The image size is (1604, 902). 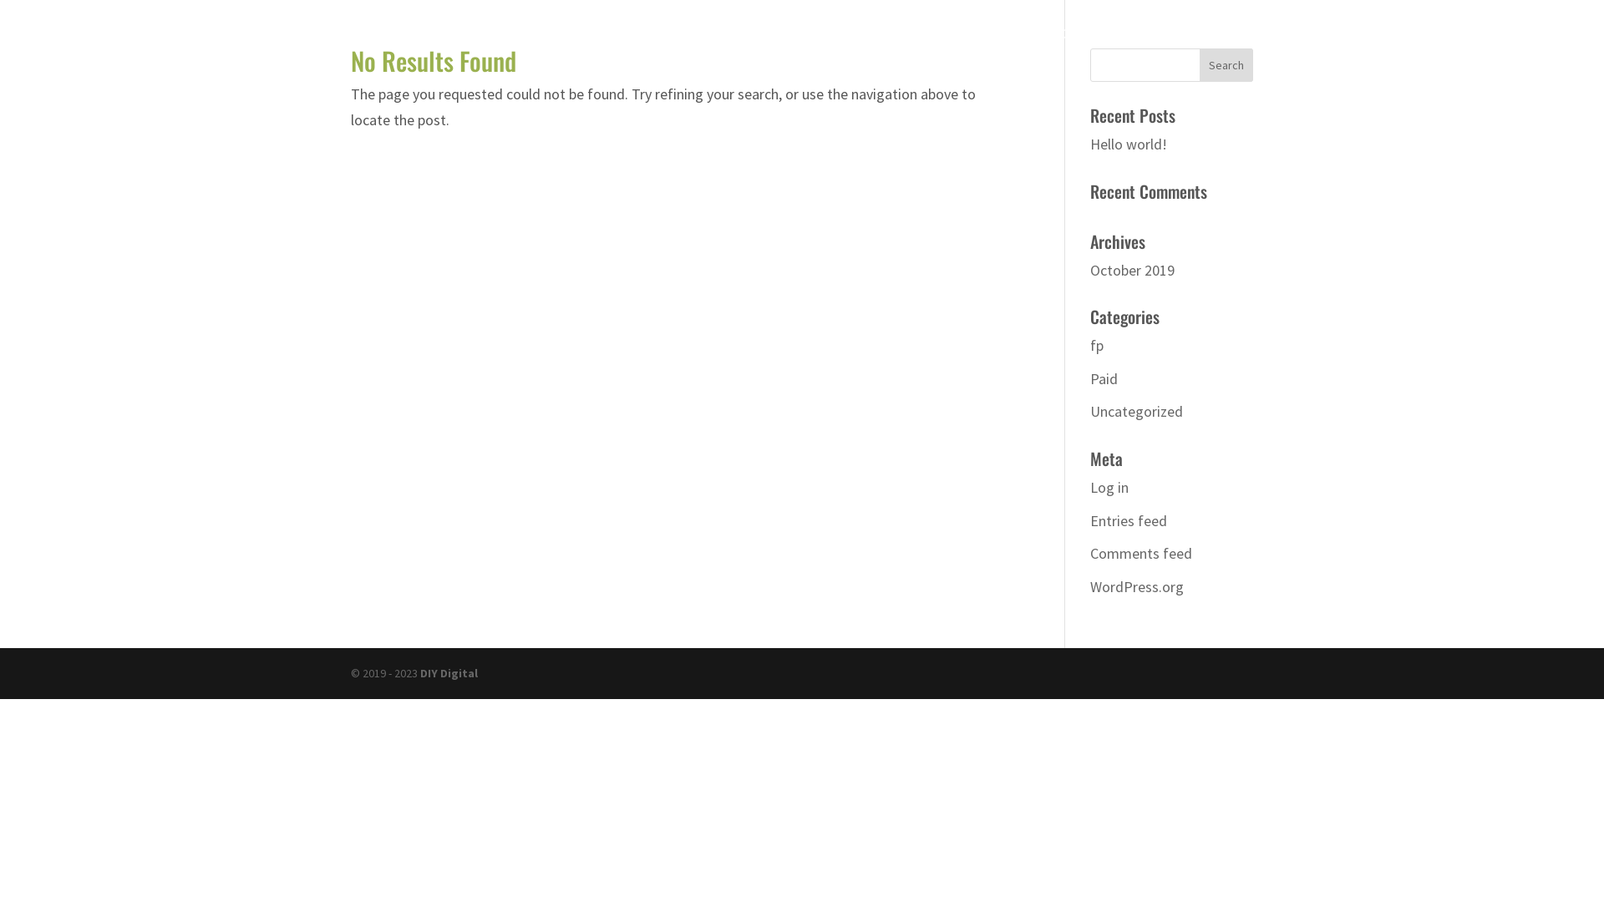 I want to click on 'October 2019', so click(x=1132, y=269).